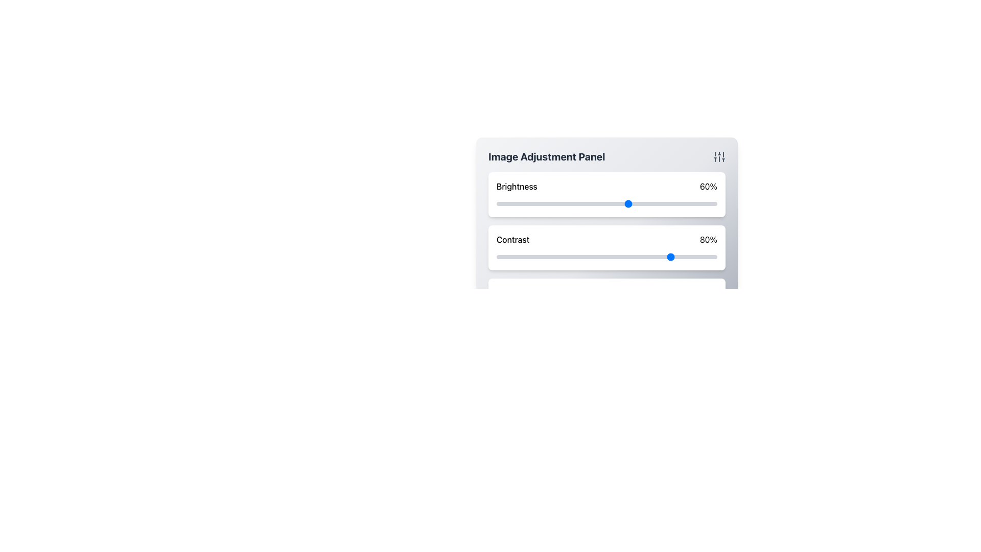 This screenshot has width=981, height=552. What do you see at coordinates (517, 187) in the screenshot?
I see `the brightness adjustment label located on the left side of the brightness adjustment row` at bounding box center [517, 187].